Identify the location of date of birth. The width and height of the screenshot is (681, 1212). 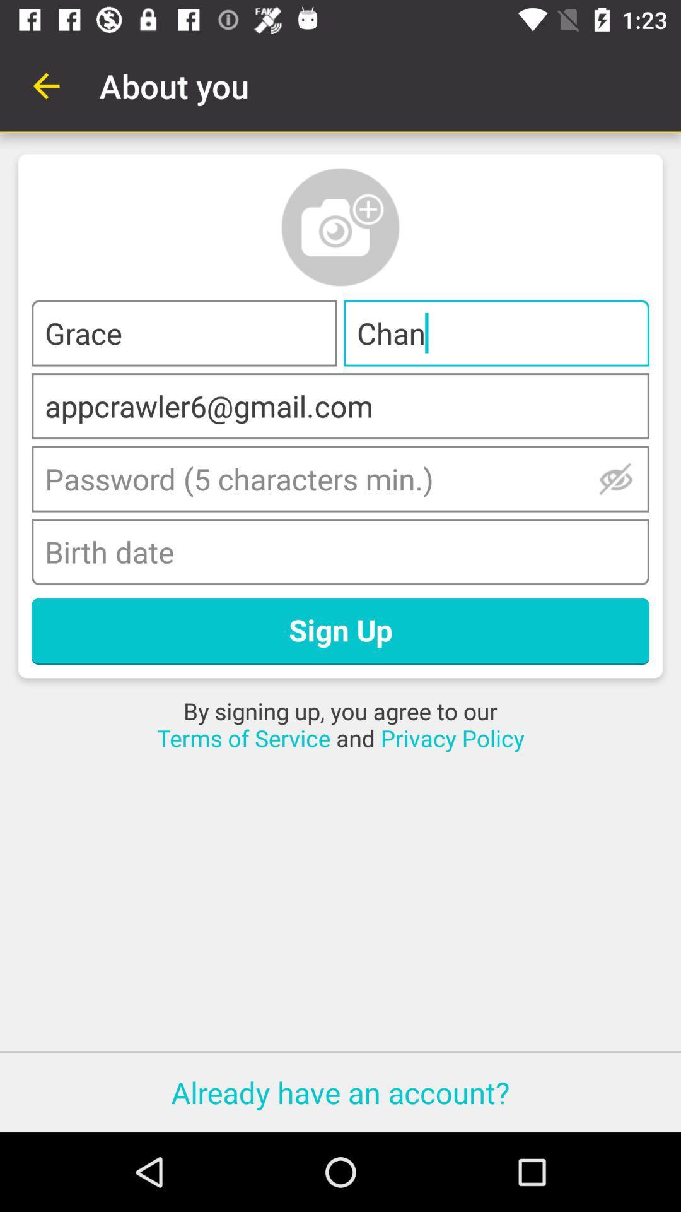
(340, 552).